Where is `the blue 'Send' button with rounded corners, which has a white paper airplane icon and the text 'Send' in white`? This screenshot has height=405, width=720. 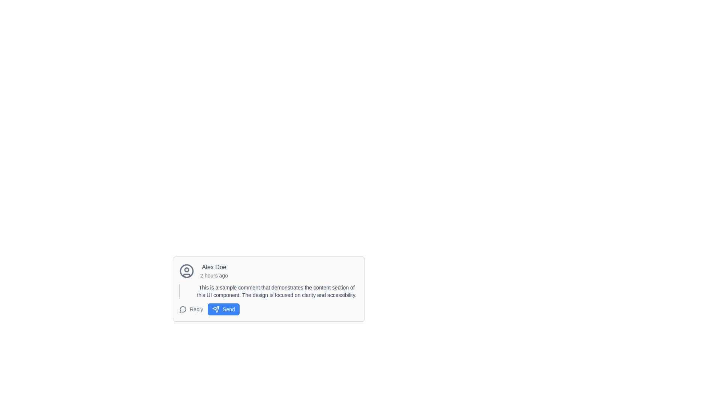
the blue 'Send' button with rounded corners, which has a white paper airplane icon and the text 'Send' in white is located at coordinates (223, 309).